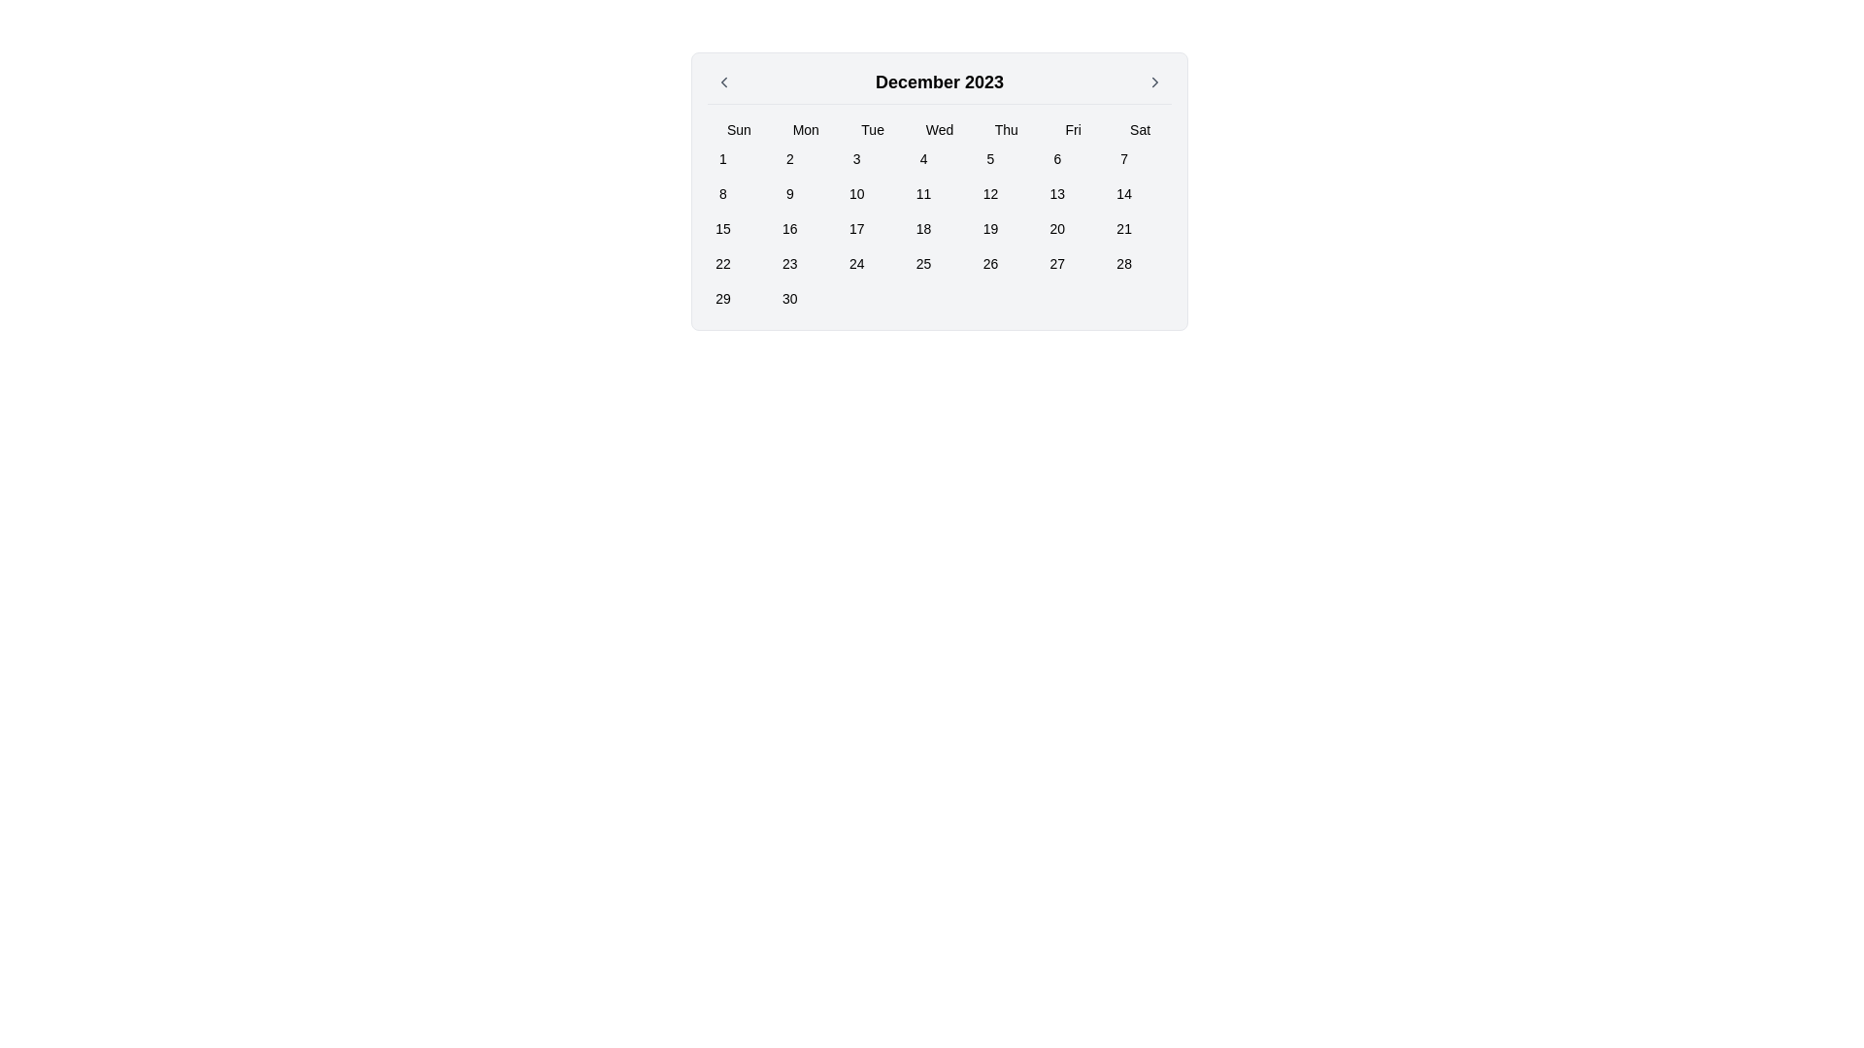 The image size is (1864, 1048). I want to click on the rounded square button labeled '4' located in the first row under the 'Wed' column of the calendar grid, so click(922, 158).